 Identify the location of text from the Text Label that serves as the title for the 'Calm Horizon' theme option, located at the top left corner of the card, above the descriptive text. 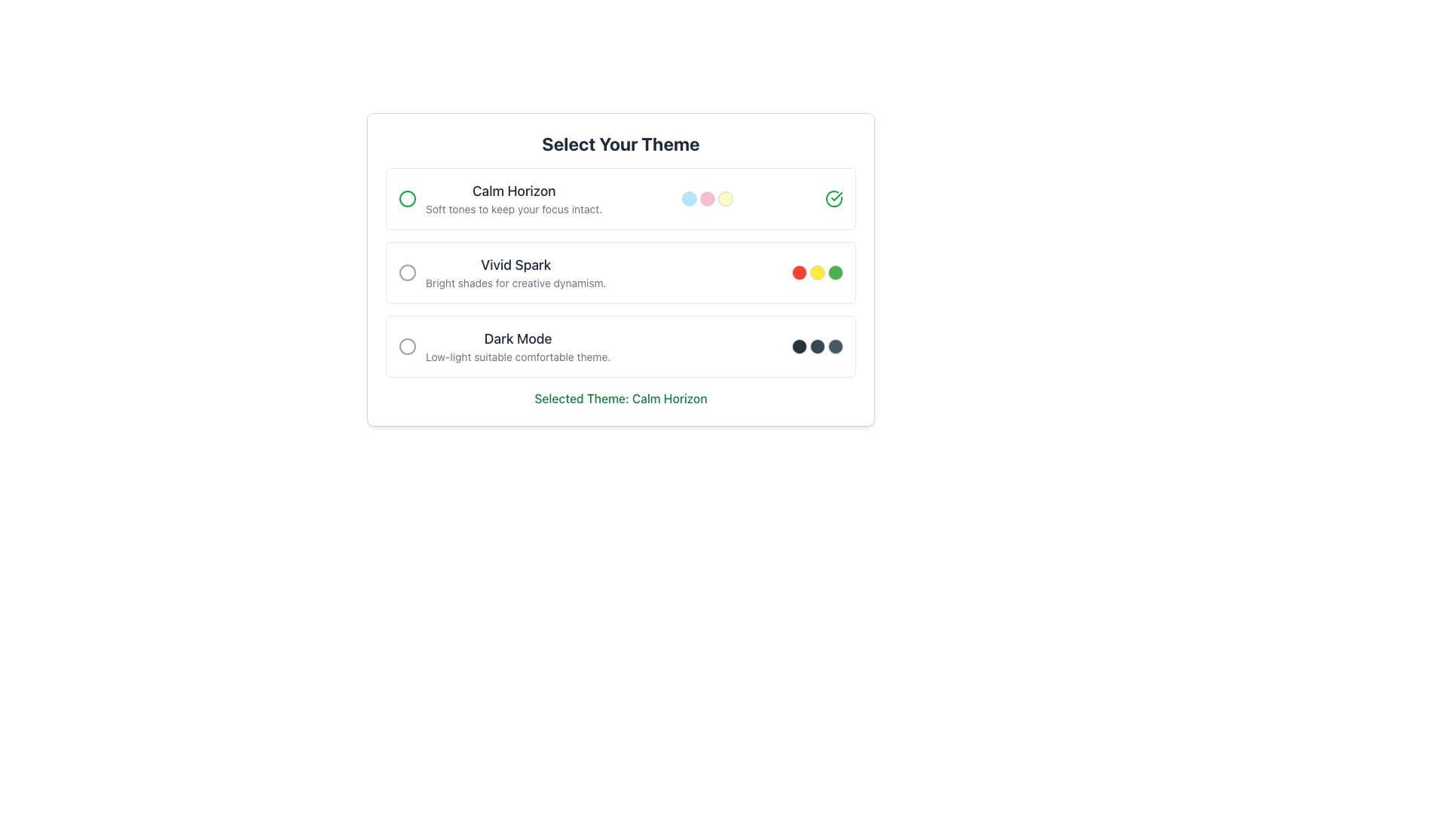
(514, 191).